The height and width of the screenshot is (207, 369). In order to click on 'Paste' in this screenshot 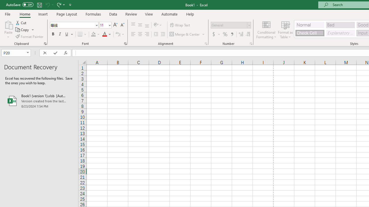, I will do `click(8, 30)`.